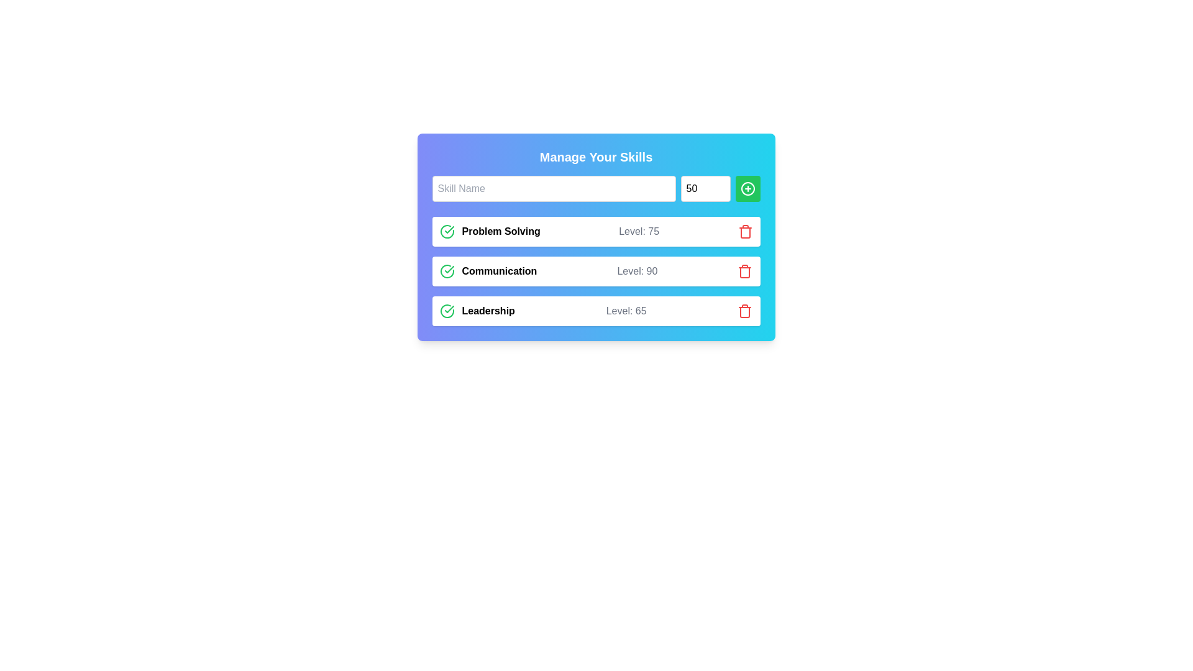 Image resolution: width=1193 pixels, height=671 pixels. What do you see at coordinates (499, 270) in the screenshot?
I see `text from the 'Communication' label in the skill management interface, which is the second label in a vertical list of skill descriptors` at bounding box center [499, 270].